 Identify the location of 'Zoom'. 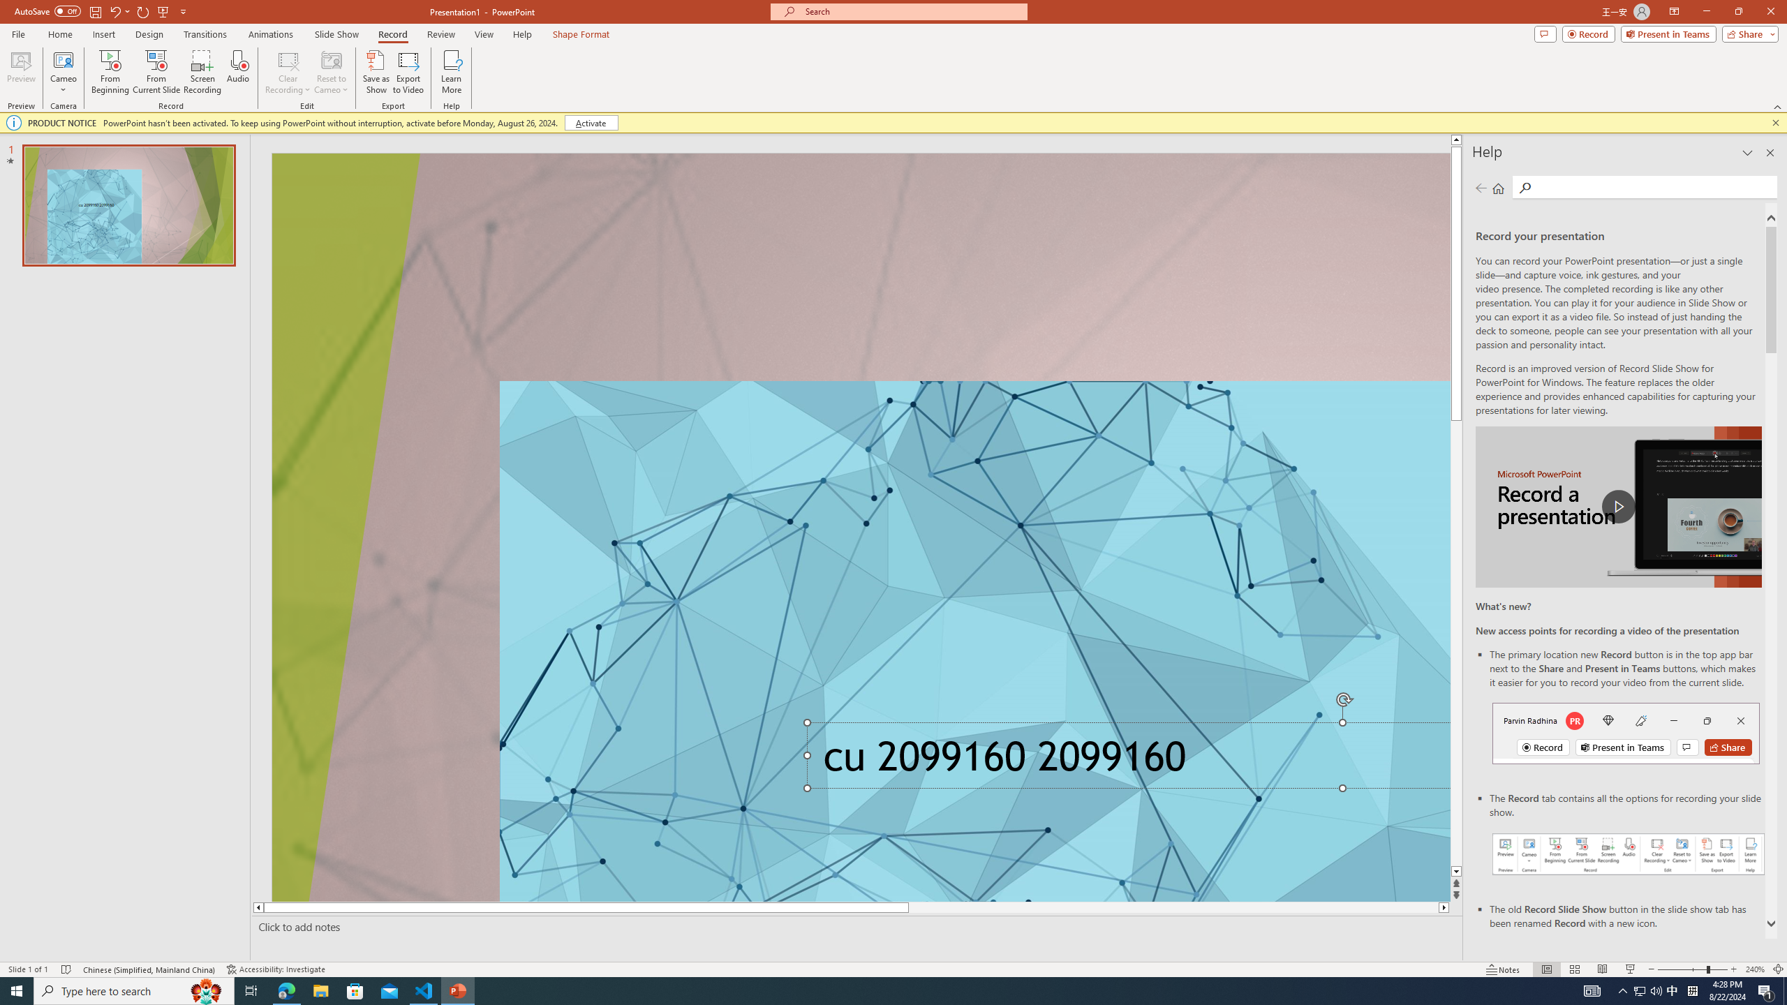
(1693, 969).